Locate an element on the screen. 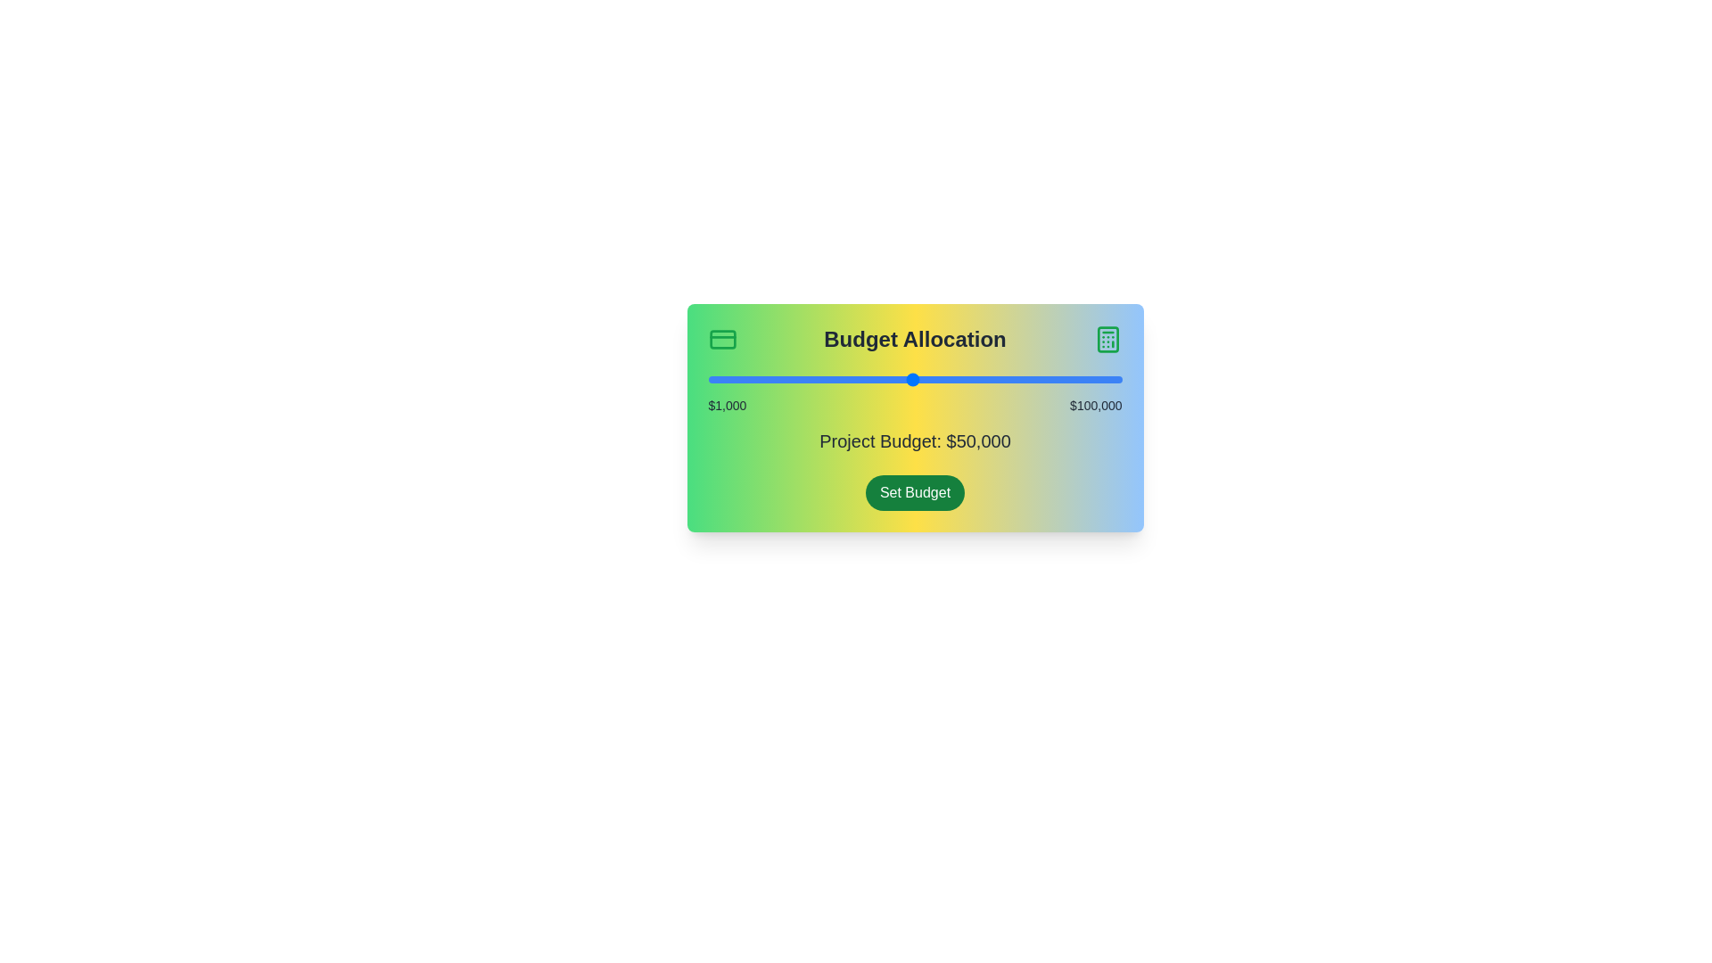 This screenshot has height=963, width=1712. the slider to set the budget to 13879 is located at coordinates (761, 378).